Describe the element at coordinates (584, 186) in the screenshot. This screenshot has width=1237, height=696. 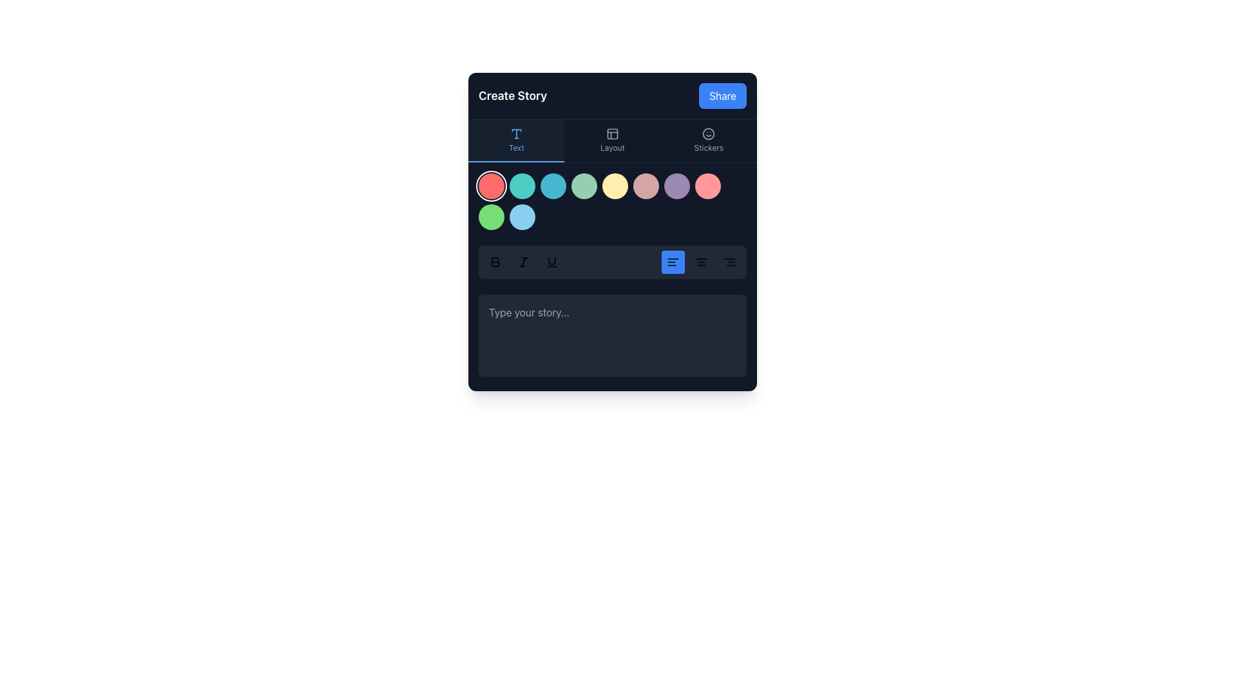
I see `the fourth circular button in the top row of the grid` at that location.